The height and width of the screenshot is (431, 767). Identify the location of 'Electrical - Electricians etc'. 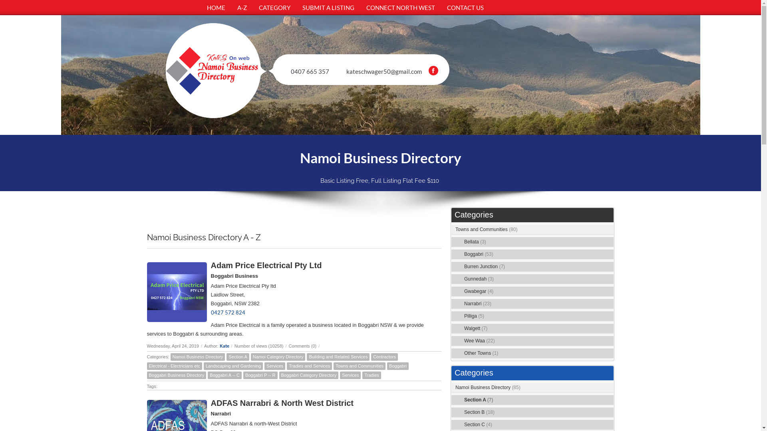
(174, 366).